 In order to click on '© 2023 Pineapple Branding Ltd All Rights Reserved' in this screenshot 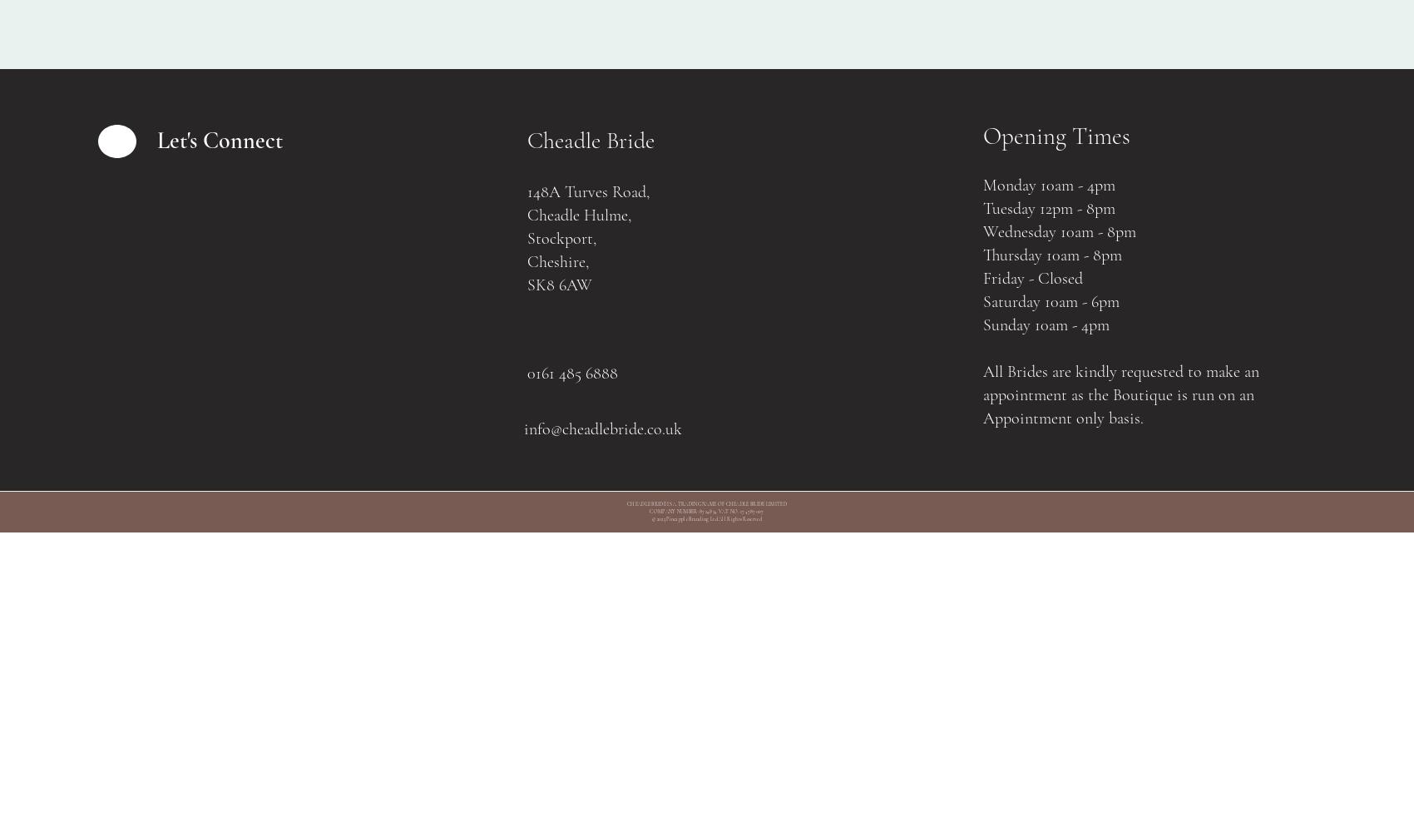, I will do `click(705, 518)`.